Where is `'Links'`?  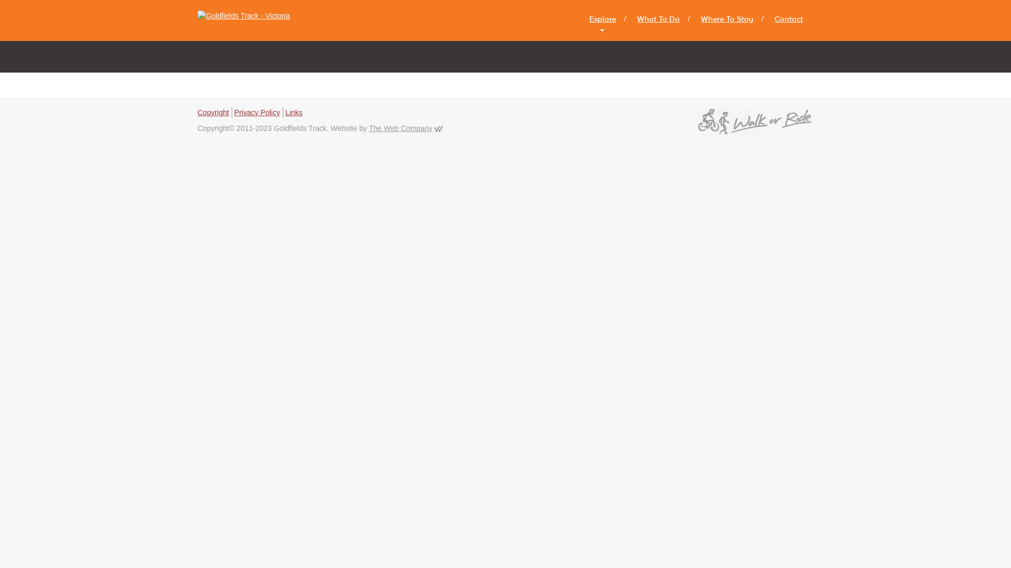
'Links' is located at coordinates (294, 112).